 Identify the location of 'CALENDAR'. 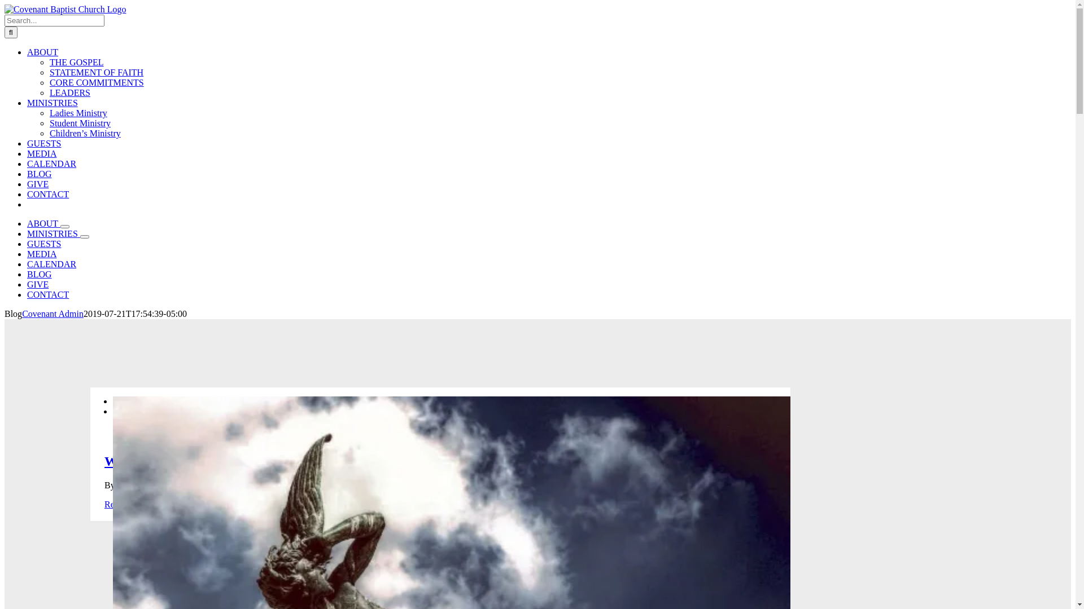
(51, 164).